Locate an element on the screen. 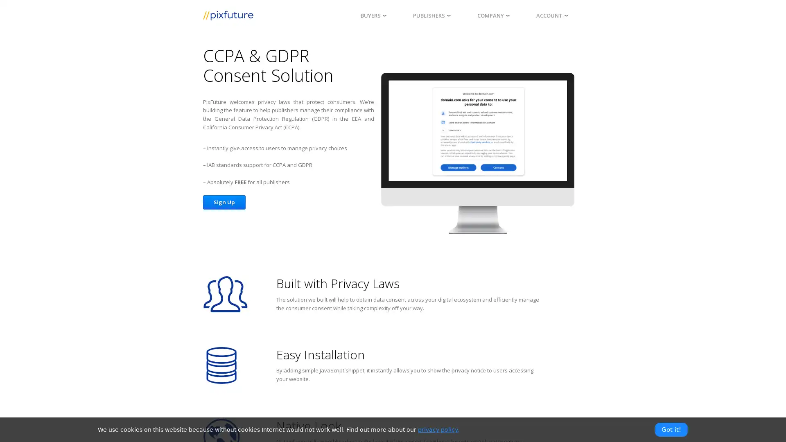 This screenshot has width=786, height=442. Got it! is located at coordinates (671, 429).